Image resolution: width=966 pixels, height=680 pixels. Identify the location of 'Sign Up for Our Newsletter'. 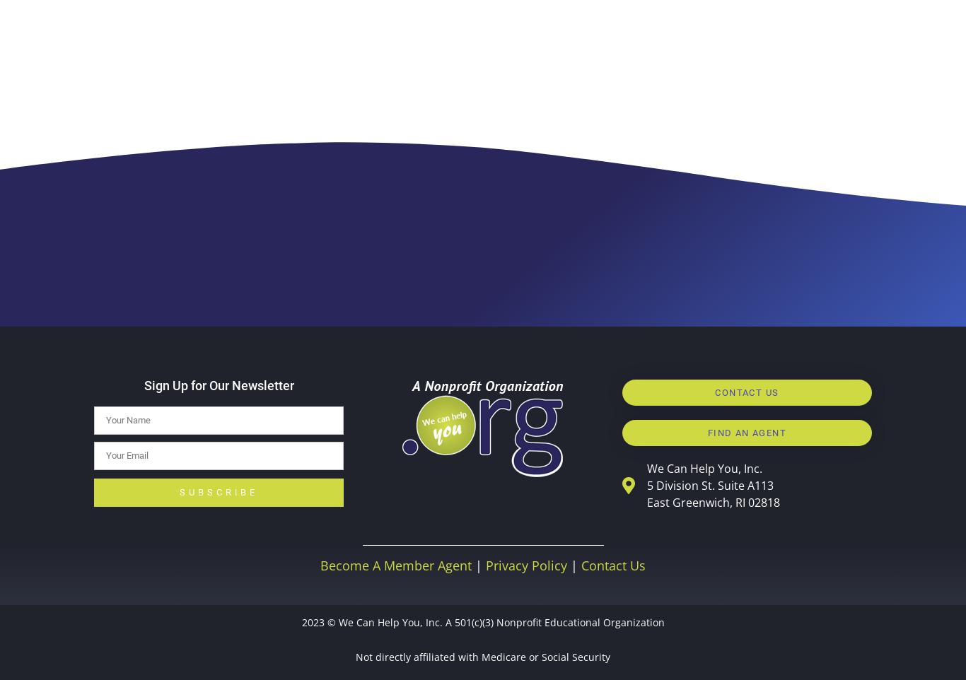
(218, 385).